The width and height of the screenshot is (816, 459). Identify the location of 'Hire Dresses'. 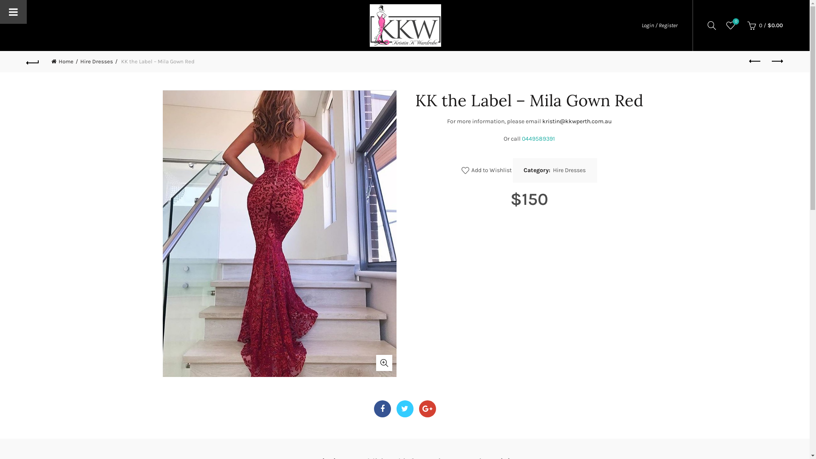
(569, 170).